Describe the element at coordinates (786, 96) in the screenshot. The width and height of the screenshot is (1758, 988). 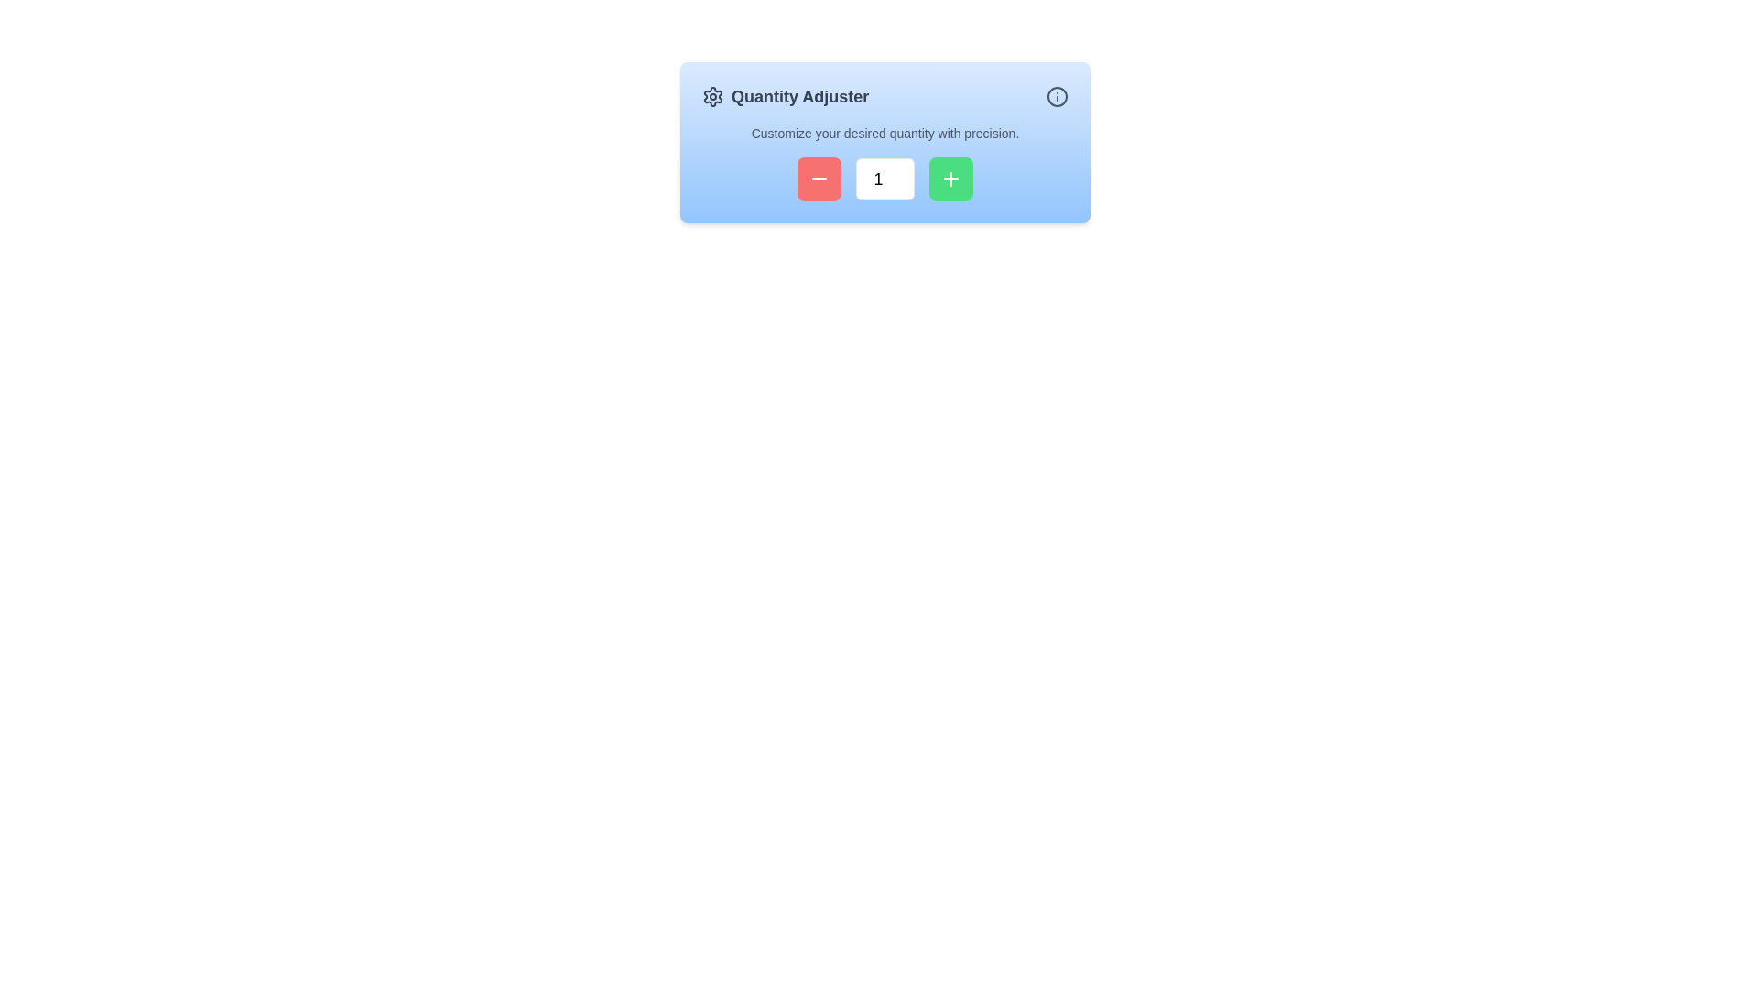
I see `the 'Quantity Adjuster' text label with a cog wheel icon, which is positioned at the top-left section of a light blue panel` at that location.